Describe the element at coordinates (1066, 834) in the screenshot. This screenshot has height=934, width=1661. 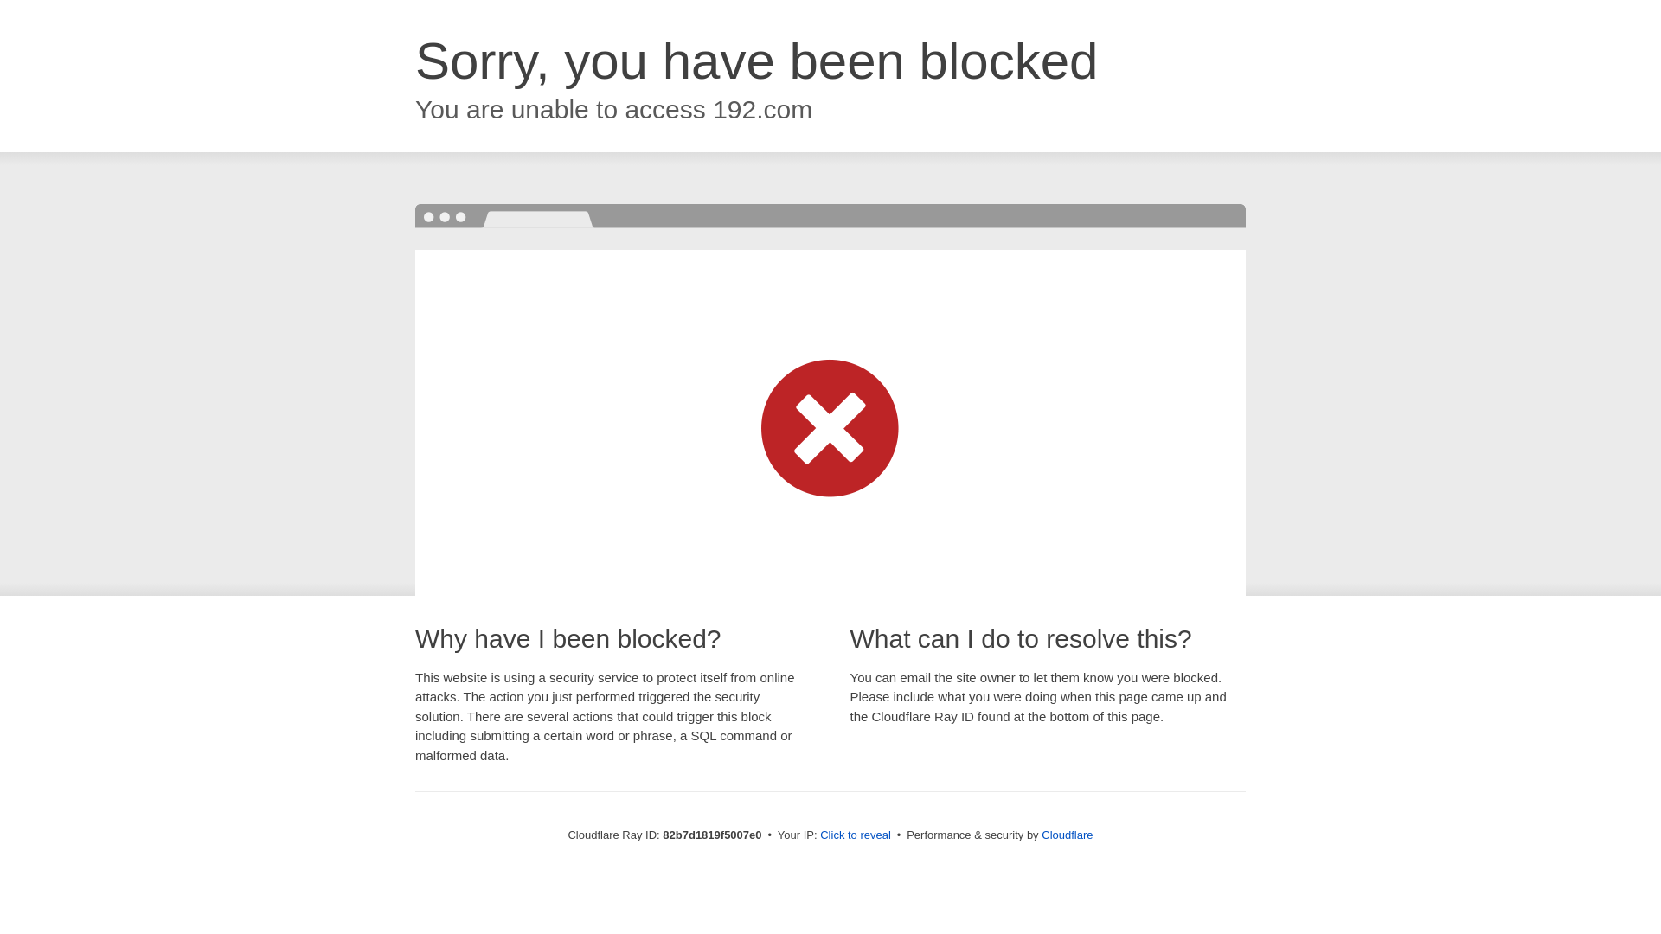
I see `'Cloudflare'` at that location.